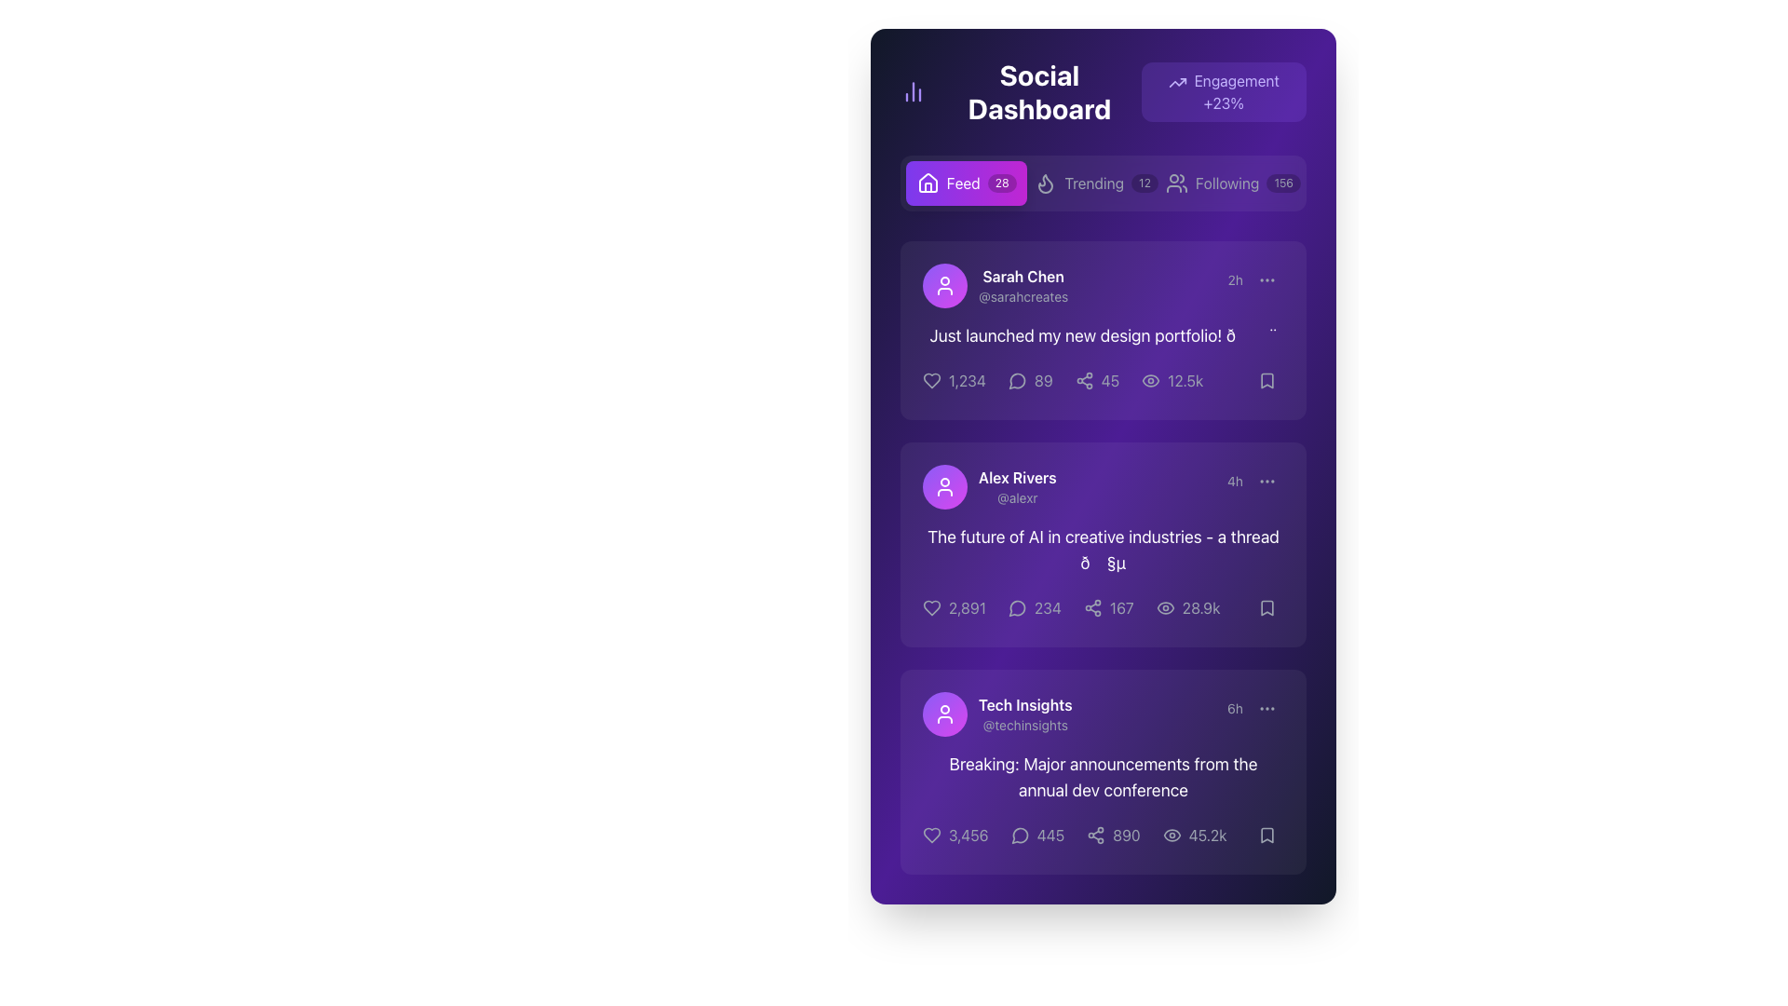 Image resolution: width=1788 pixels, height=1006 pixels. What do you see at coordinates (1144, 183) in the screenshot?
I see `the Label displaying the numeric value '12', which indicates a count related to the 'Trending' category, positioned to the right of 'Trending' and left of 'Following'` at bounding box center [1144, 183].